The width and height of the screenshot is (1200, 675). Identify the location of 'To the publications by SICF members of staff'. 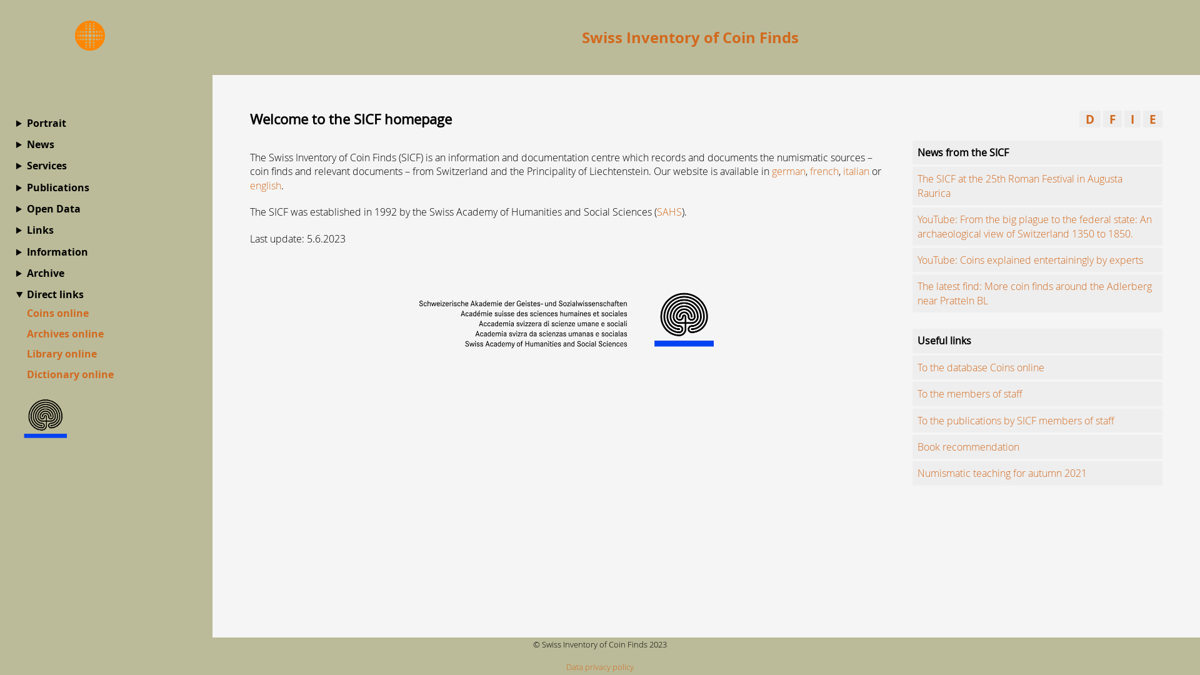
(1016, 420).